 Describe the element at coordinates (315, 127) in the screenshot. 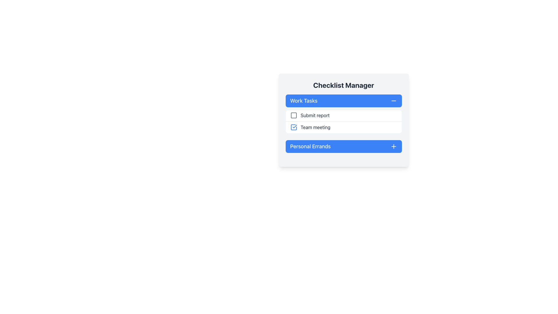

I see `text label that describes the task in the checklist under the 'Work Tasks' section, located to the right of the blue checkmark icon` at that location.